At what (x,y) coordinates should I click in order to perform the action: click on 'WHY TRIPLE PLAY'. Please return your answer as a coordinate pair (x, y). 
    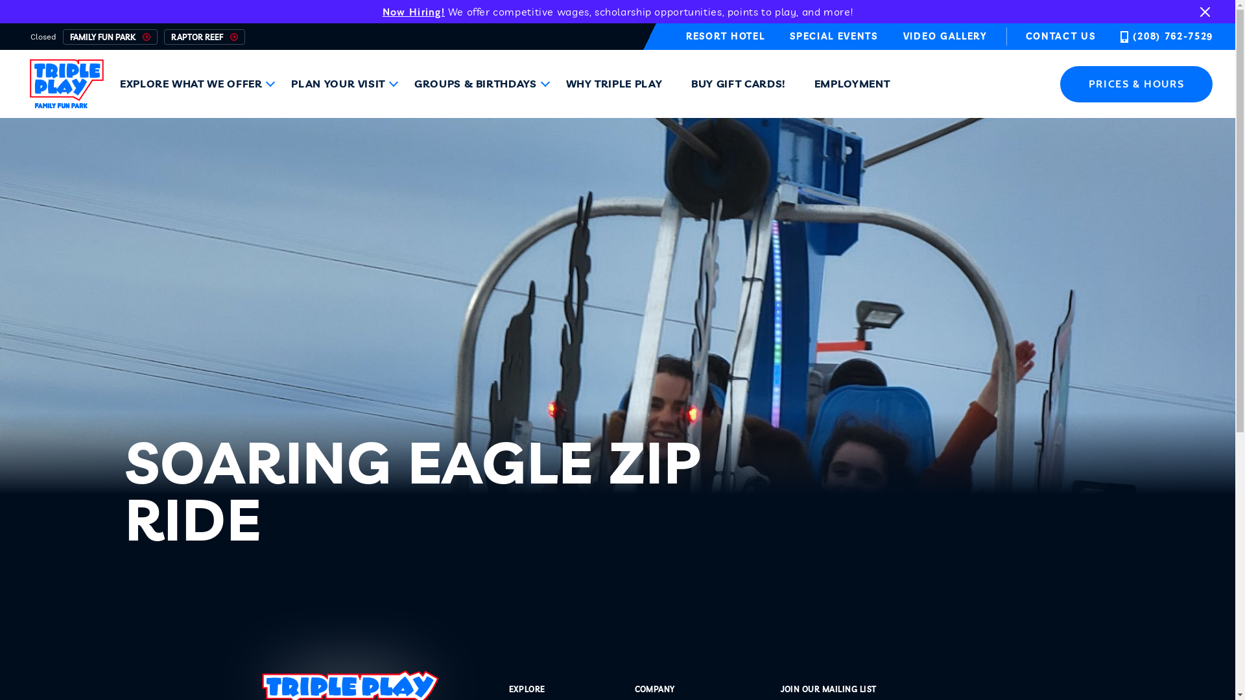
    Looking at the image, I should click on (622, 84).